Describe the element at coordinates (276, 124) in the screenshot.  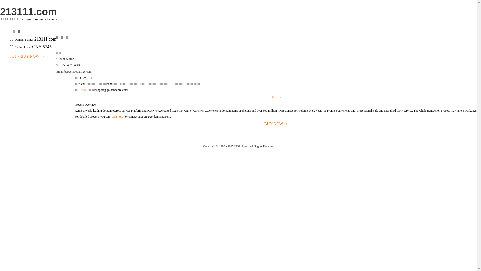
I see `'BUY NOW>>'` at that location.